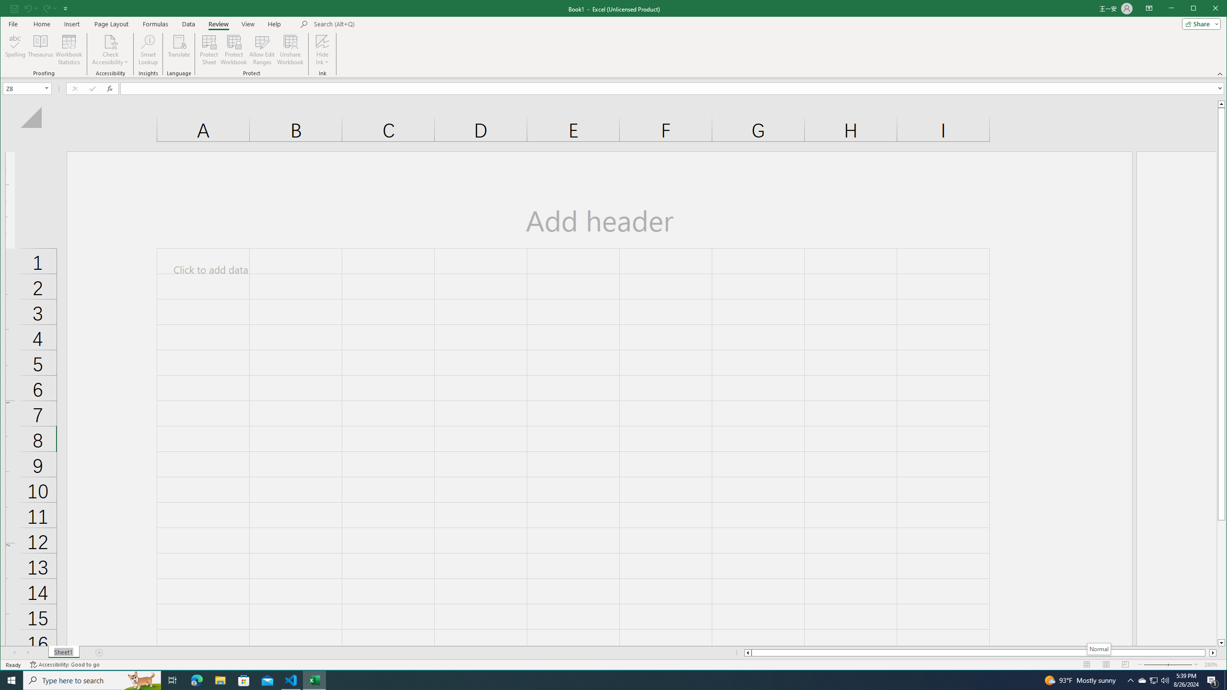 The image size is (1227, 690). Describe the element at coordinates (1125, 664) in the screenshot. I see `'Page Break Preview'` at that location.